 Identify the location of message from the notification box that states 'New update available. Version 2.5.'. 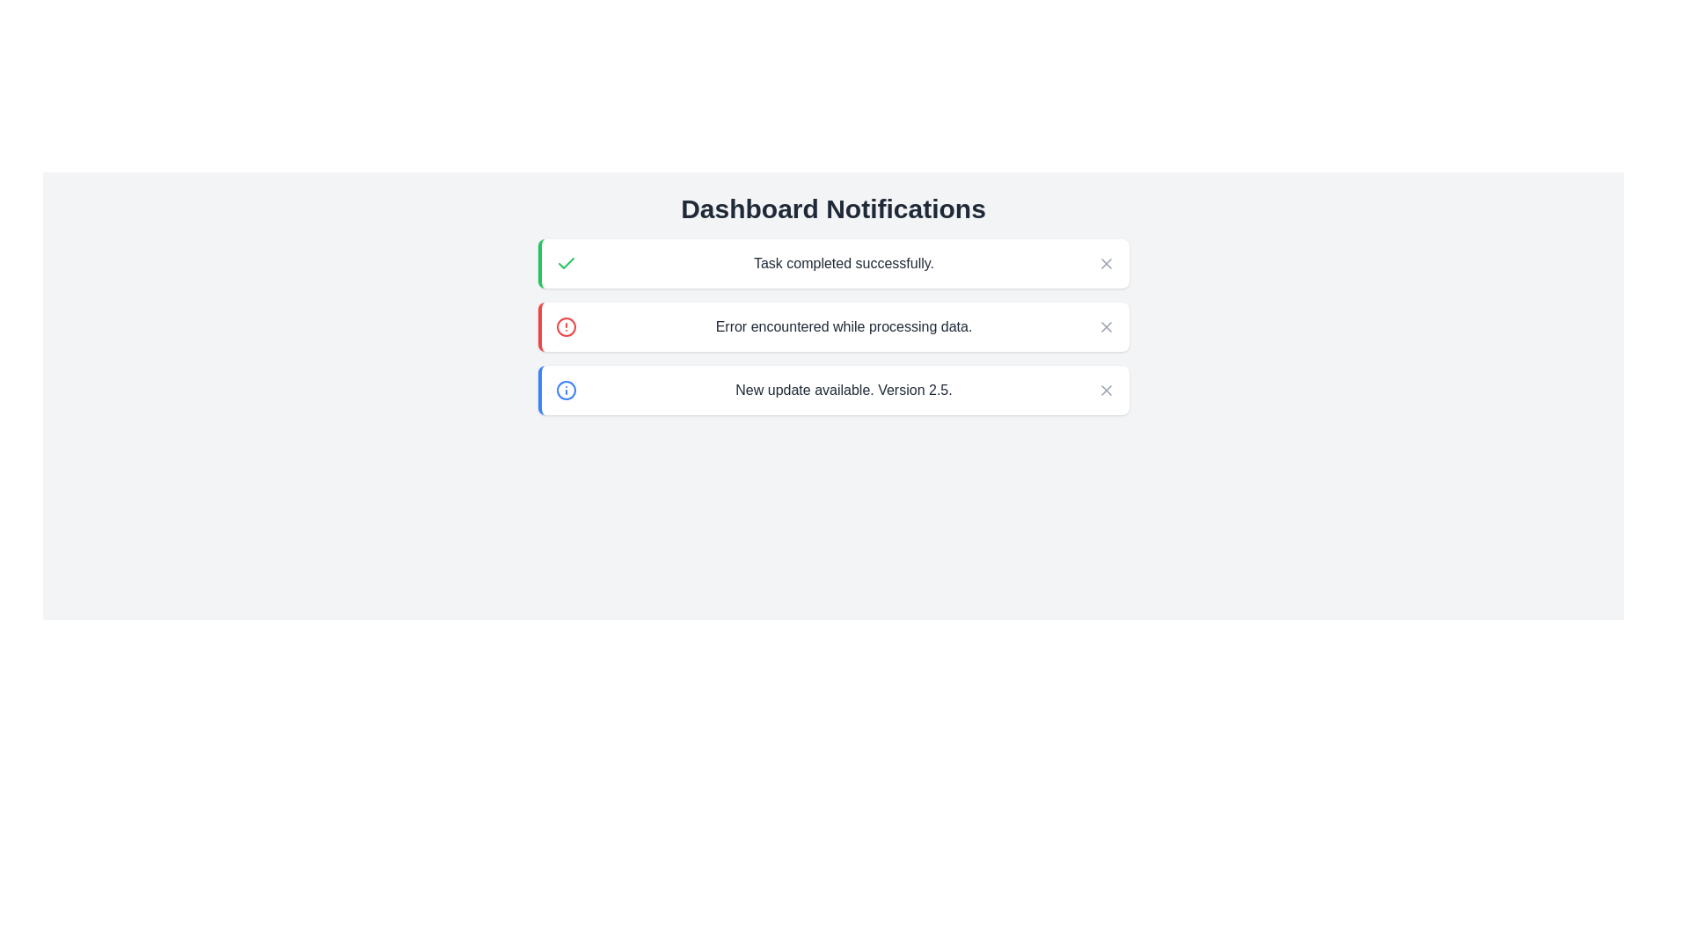
(832, 389).